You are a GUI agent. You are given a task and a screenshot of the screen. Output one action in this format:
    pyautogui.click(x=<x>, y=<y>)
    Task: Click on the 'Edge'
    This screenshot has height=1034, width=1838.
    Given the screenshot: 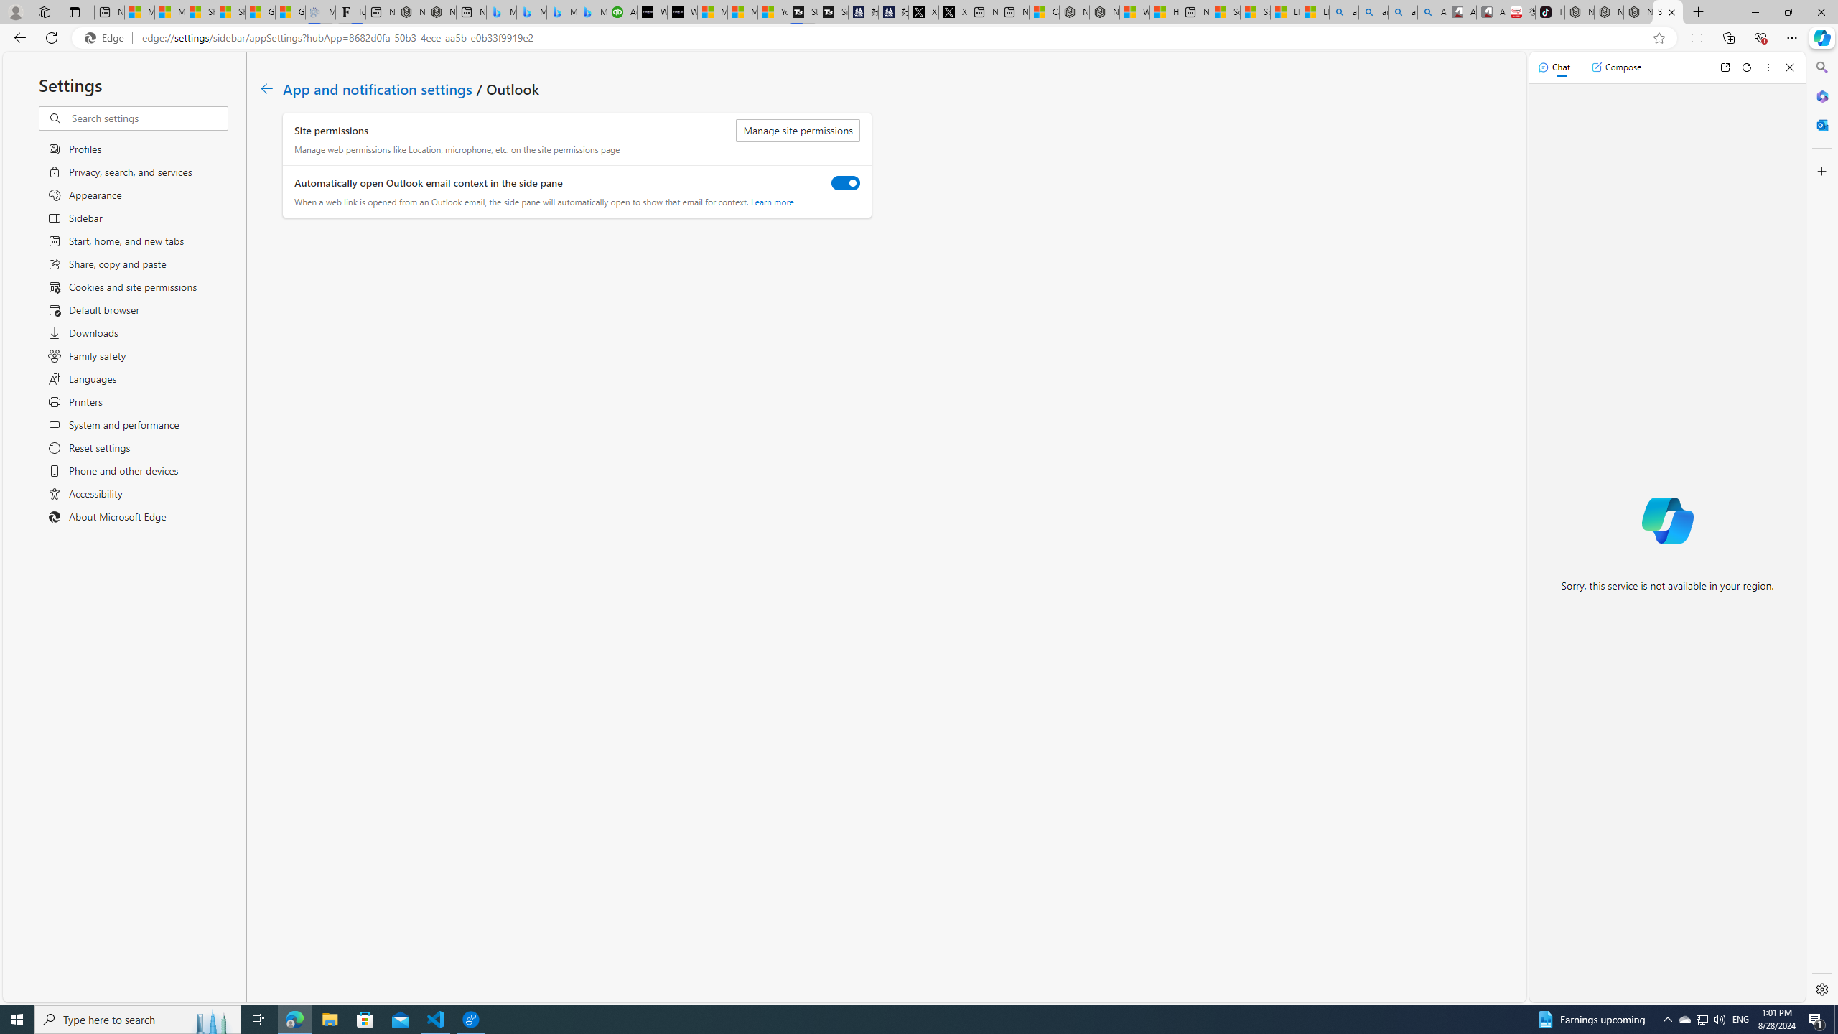 What is the action you would take?
    pyautogui.click(x=106, y=38)
    